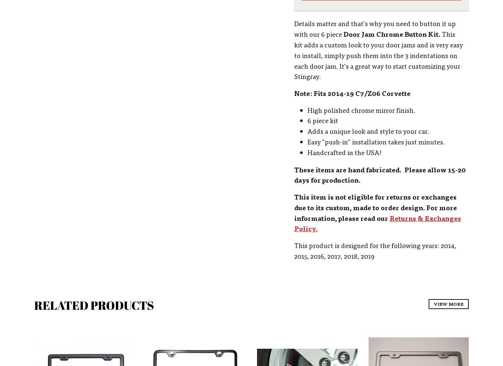 The image size is (503, 366). I want to click on '6 piece kit', so click(322, 120).